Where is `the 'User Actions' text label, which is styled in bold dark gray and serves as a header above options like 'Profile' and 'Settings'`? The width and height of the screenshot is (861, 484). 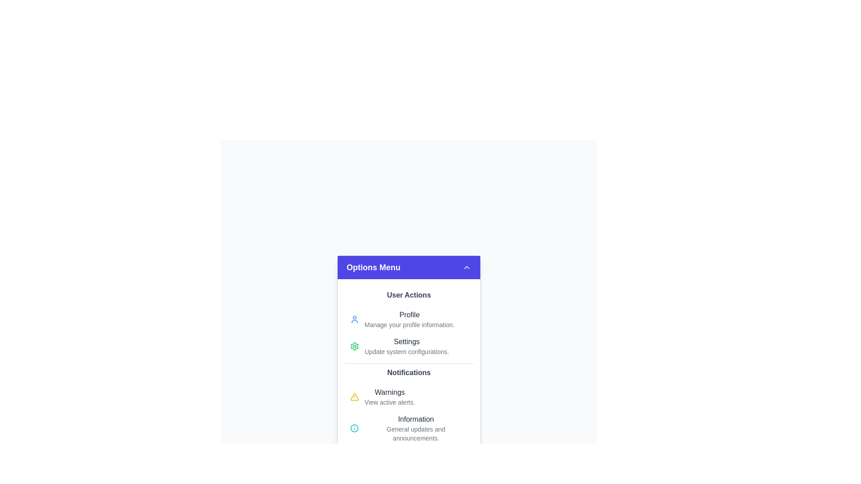 the 'User Actions' text label, which is styled in bold dark gray and serves as a header above options like 'Profile' and 'Settings' is located at coordinates (409, 295).